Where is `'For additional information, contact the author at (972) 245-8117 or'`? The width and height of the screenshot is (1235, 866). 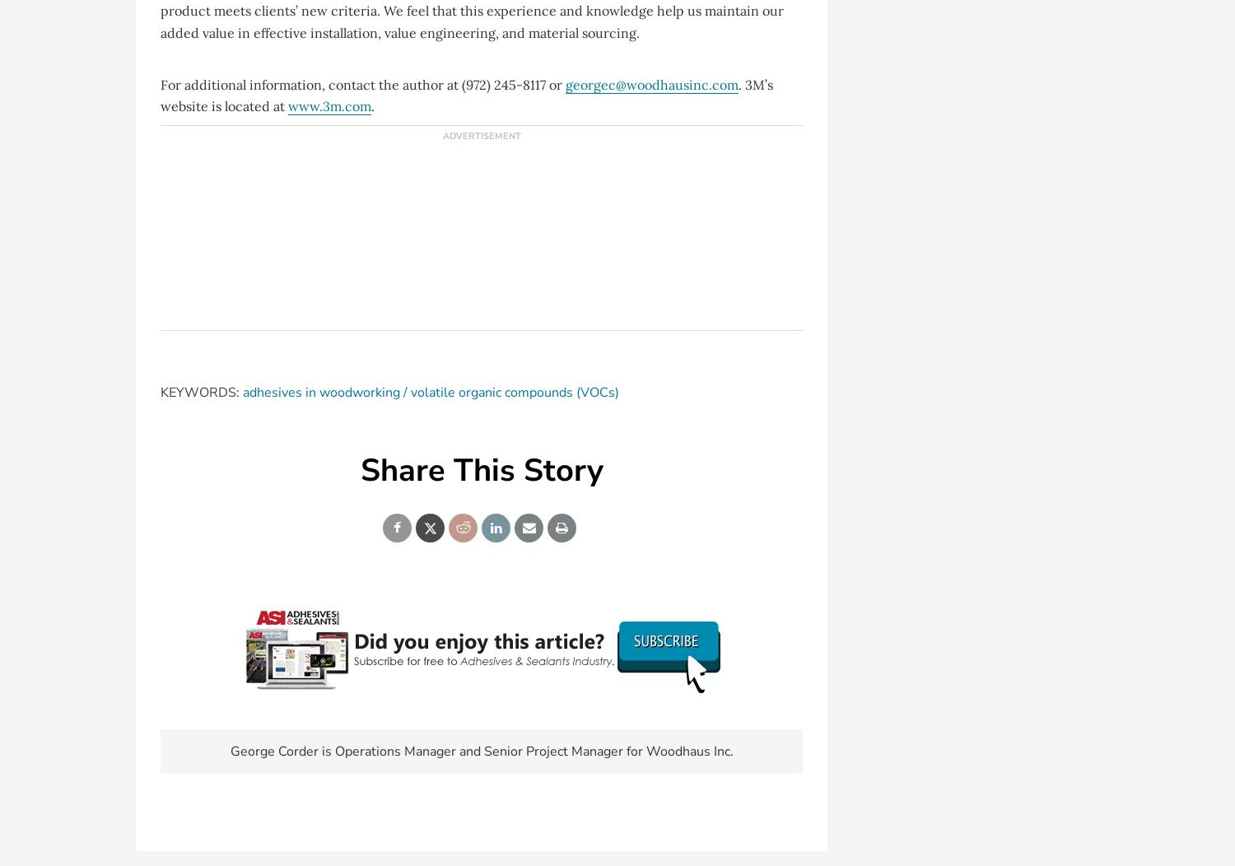 'For additional information, contact the author at (972) 245-8117 or' is located at coordinates (362, 84).